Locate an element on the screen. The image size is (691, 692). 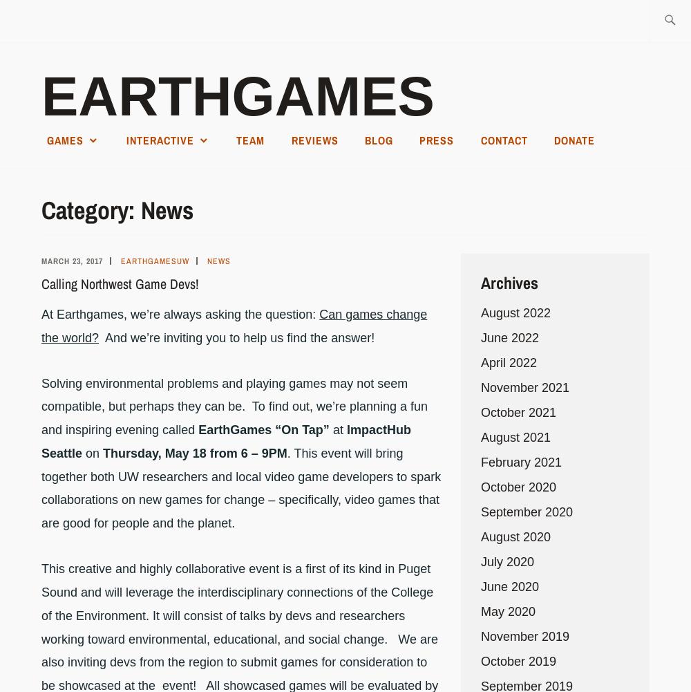
'May 2020' is located at coordinates (507, 610).